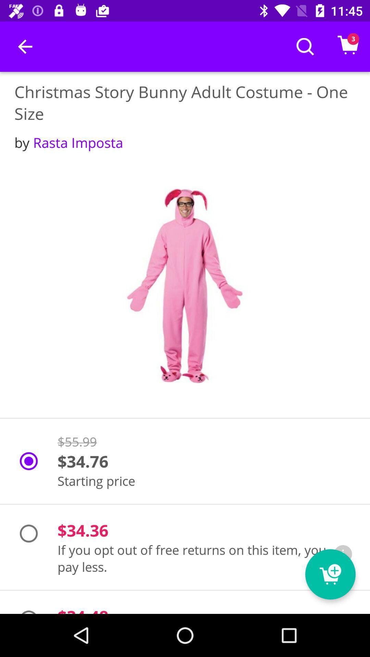 This screenshot has height=657, width=370. Describe the element at coordinates (330, 574) in the screenshot. I see `the icon to the right of the $34.48 icon` at that location.